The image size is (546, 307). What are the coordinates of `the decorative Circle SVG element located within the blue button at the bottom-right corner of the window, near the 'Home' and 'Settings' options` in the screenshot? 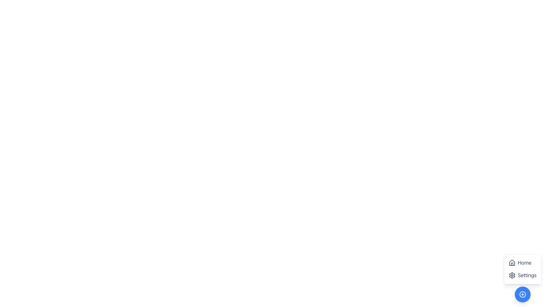 It's located at (522, 294).